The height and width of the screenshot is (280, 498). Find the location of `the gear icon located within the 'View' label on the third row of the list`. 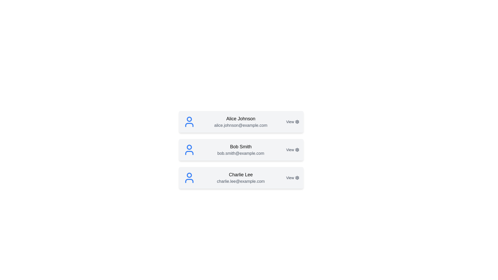

the gear icon located within the 'View' label on the third row of the list is located at coordinates (297, 178).